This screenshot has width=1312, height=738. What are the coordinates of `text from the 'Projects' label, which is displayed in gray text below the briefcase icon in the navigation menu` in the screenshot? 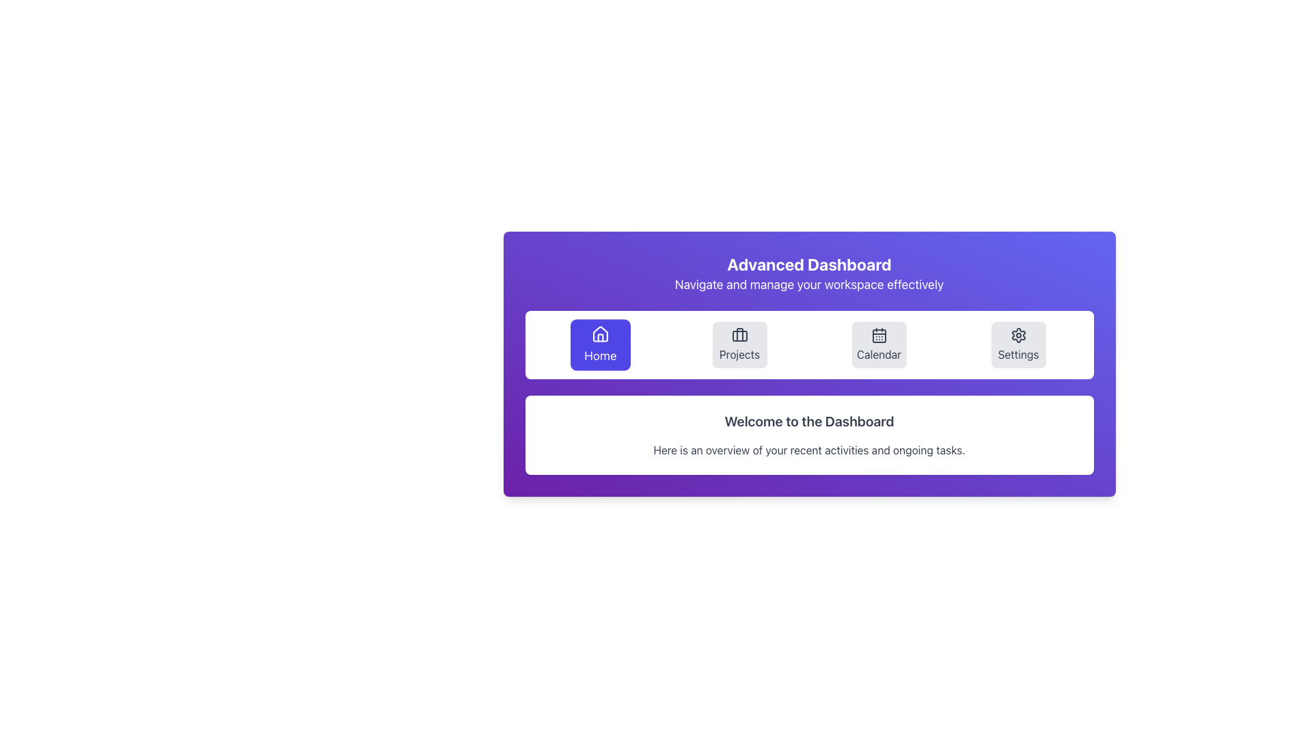 It's located at (739, 354).